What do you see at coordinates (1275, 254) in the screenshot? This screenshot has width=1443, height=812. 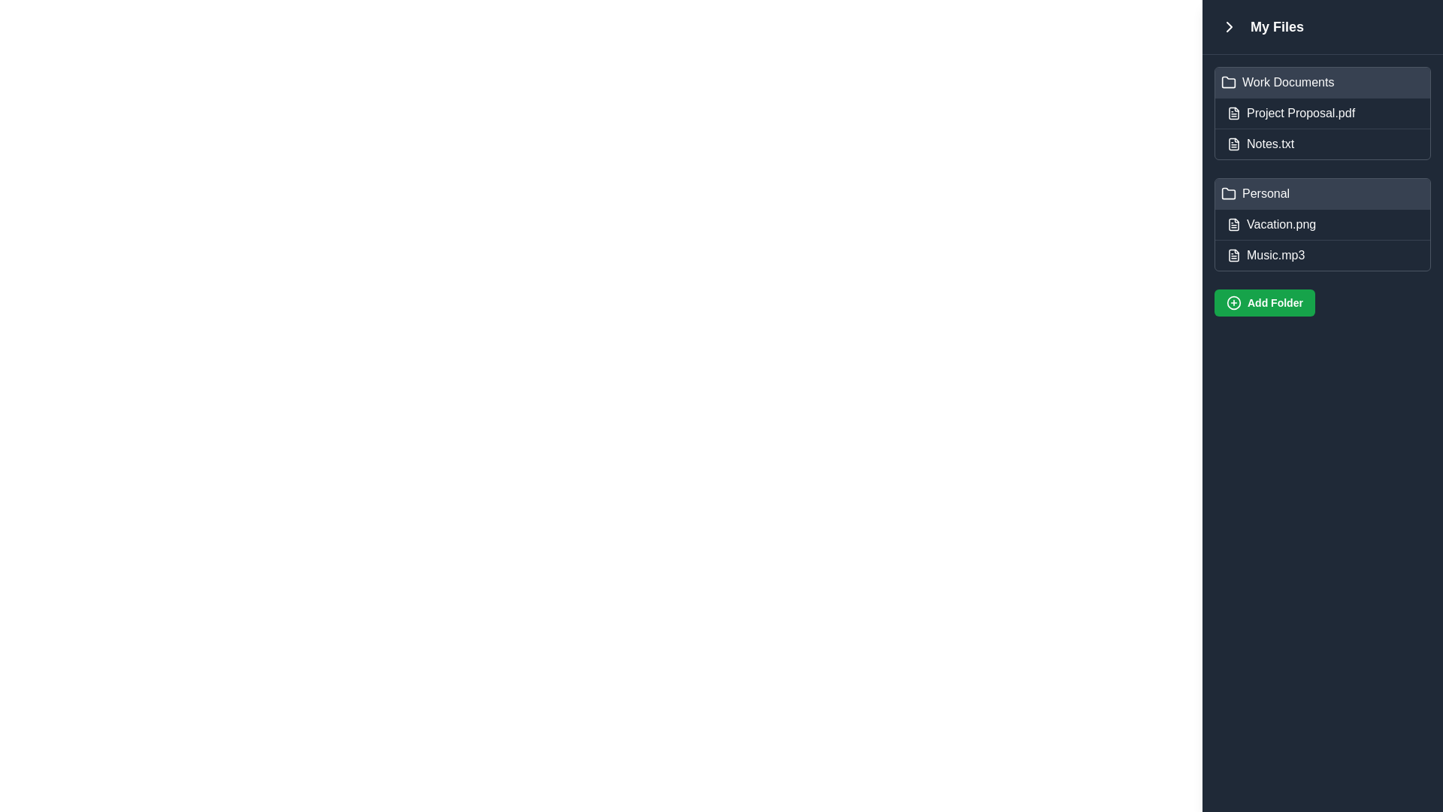 I see `the text label representing the file 'Music.mp3' located under the 'Personal' folder, specifically the second item` at bounding box center [1275, 254].